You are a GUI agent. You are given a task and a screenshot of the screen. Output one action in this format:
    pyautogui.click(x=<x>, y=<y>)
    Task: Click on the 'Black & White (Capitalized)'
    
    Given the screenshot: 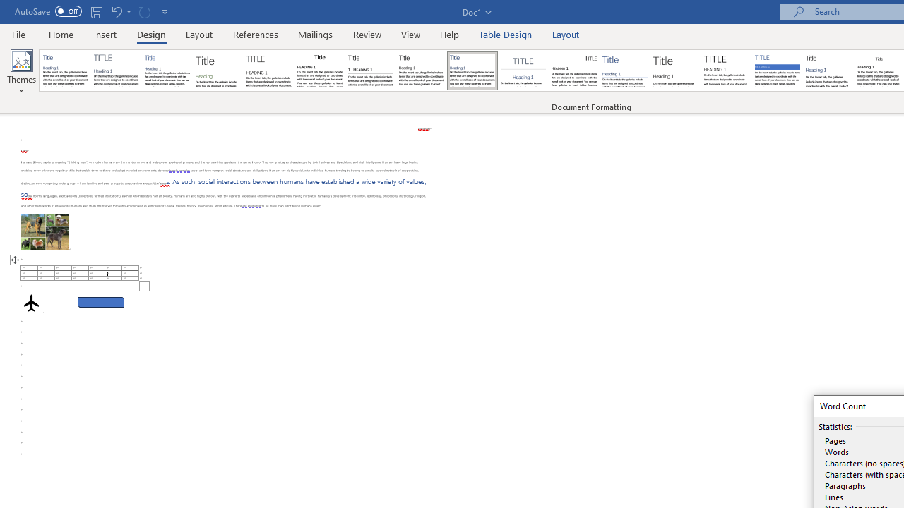 What is the action you would take?
    pyautogui.click(x=269, y=71)
    